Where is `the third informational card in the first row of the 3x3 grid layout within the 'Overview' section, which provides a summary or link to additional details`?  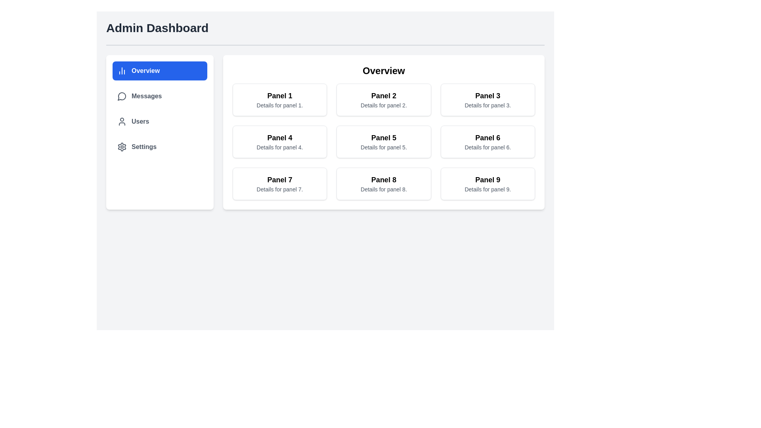 the third informational card in the first row of the 3x3 grid layout within the 'Overview' section, which provides a summary or link to additional details is located at coordinates (487, 99).